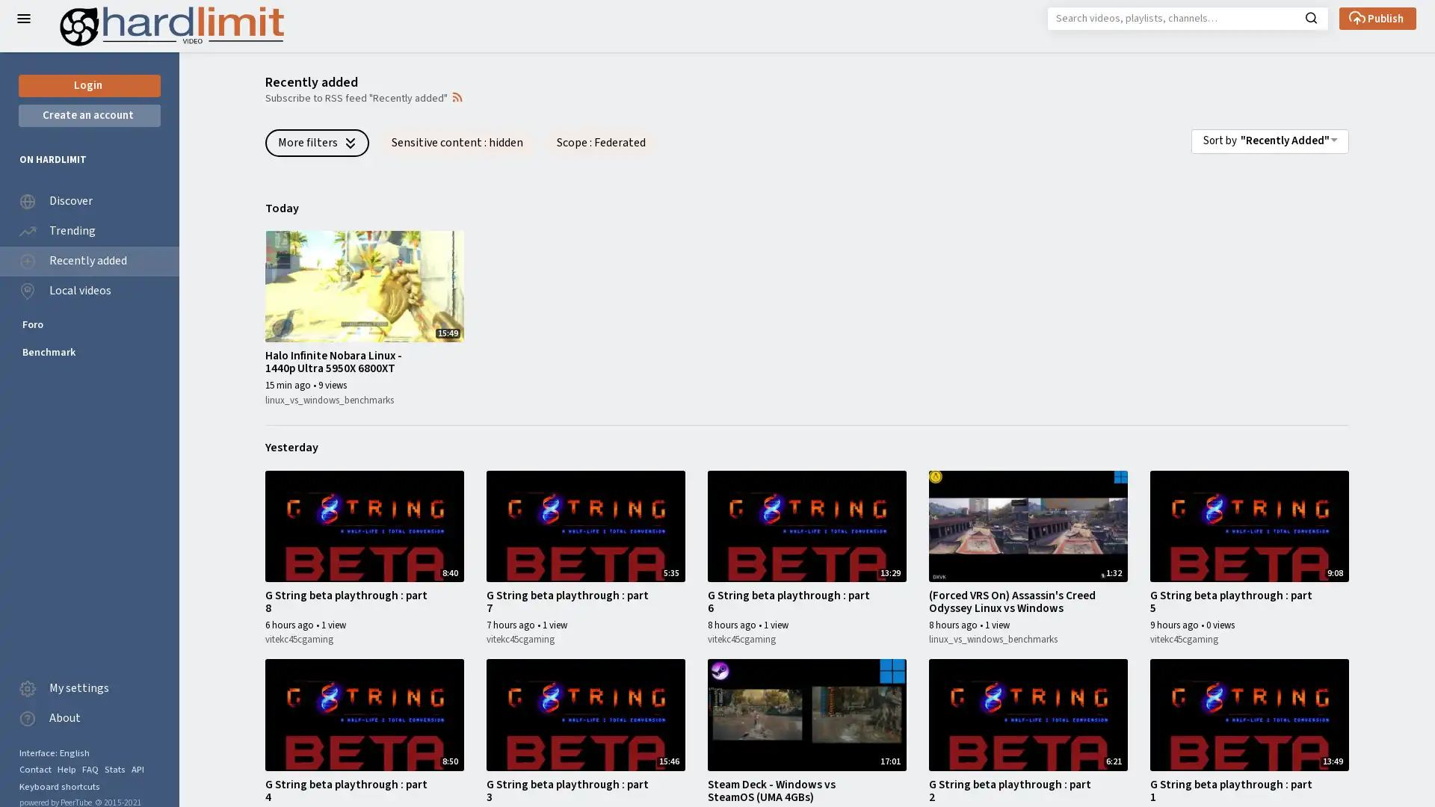 The height and width of the screenshot is (807, 1435). Describe the element at coordinates (1310, 16) in the screenshot. I see `Search` at that location.